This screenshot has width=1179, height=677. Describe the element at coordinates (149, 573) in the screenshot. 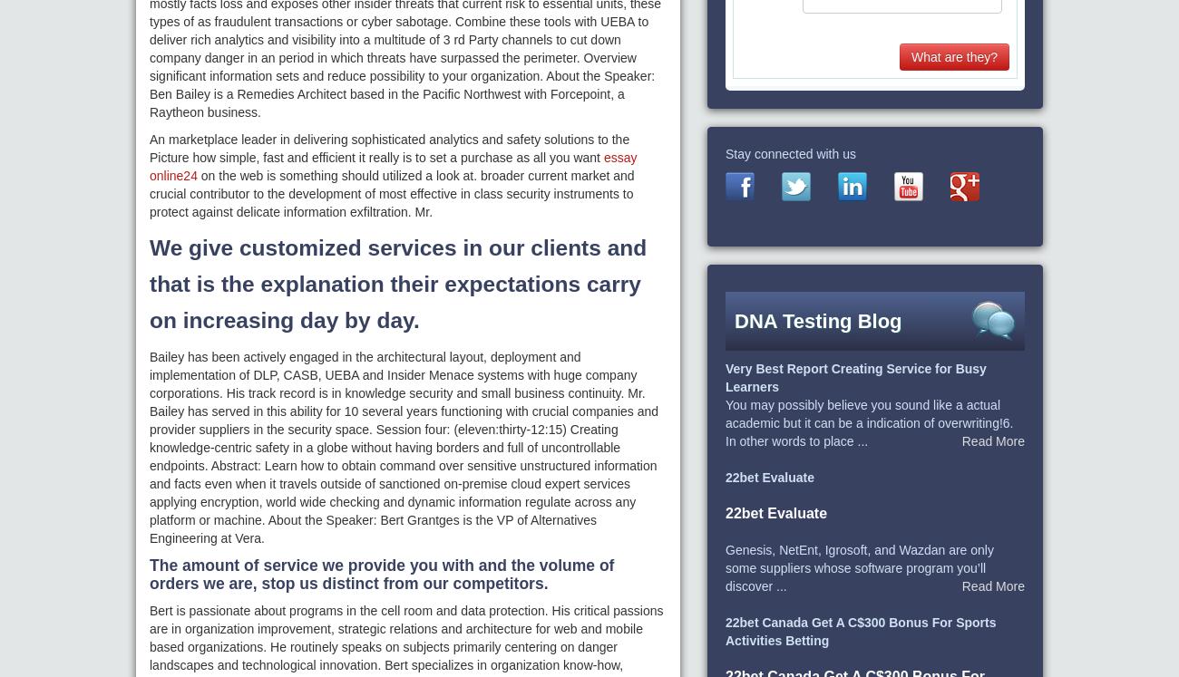

I see `'The amount of service we provide you with and the volume of orders we are, stop us distinct from our competitors.'` at that location.